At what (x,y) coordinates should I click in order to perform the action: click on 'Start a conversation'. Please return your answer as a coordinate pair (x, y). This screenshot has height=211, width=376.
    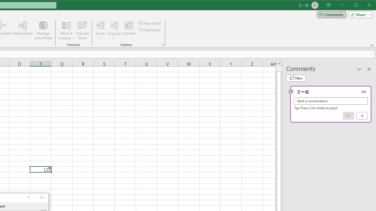
    Looking at the image, I should click on (331, 101).